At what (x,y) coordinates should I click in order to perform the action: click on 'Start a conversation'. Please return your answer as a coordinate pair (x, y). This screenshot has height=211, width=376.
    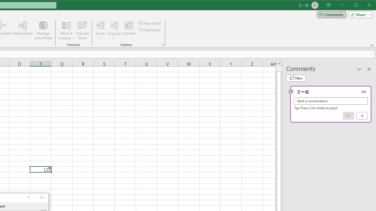
    Looking at the image, I should click on (331, 101).